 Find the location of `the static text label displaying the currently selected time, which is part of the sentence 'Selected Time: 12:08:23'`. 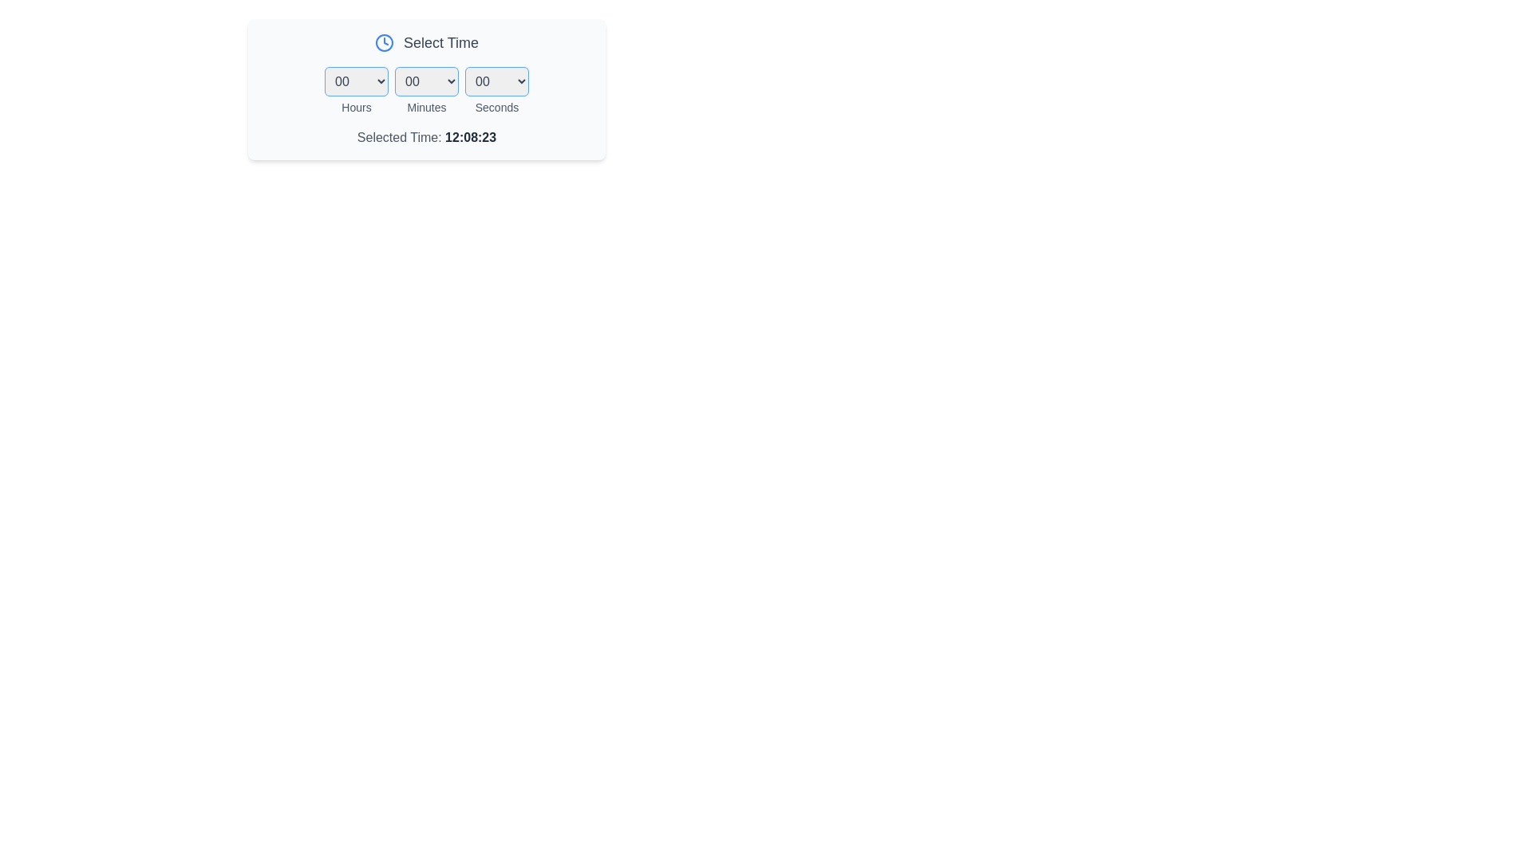

the static text label displaying the currently selected time, which is part of the sentence 'Selected Time: 12:08:23' is located at coordinates (470, 136).